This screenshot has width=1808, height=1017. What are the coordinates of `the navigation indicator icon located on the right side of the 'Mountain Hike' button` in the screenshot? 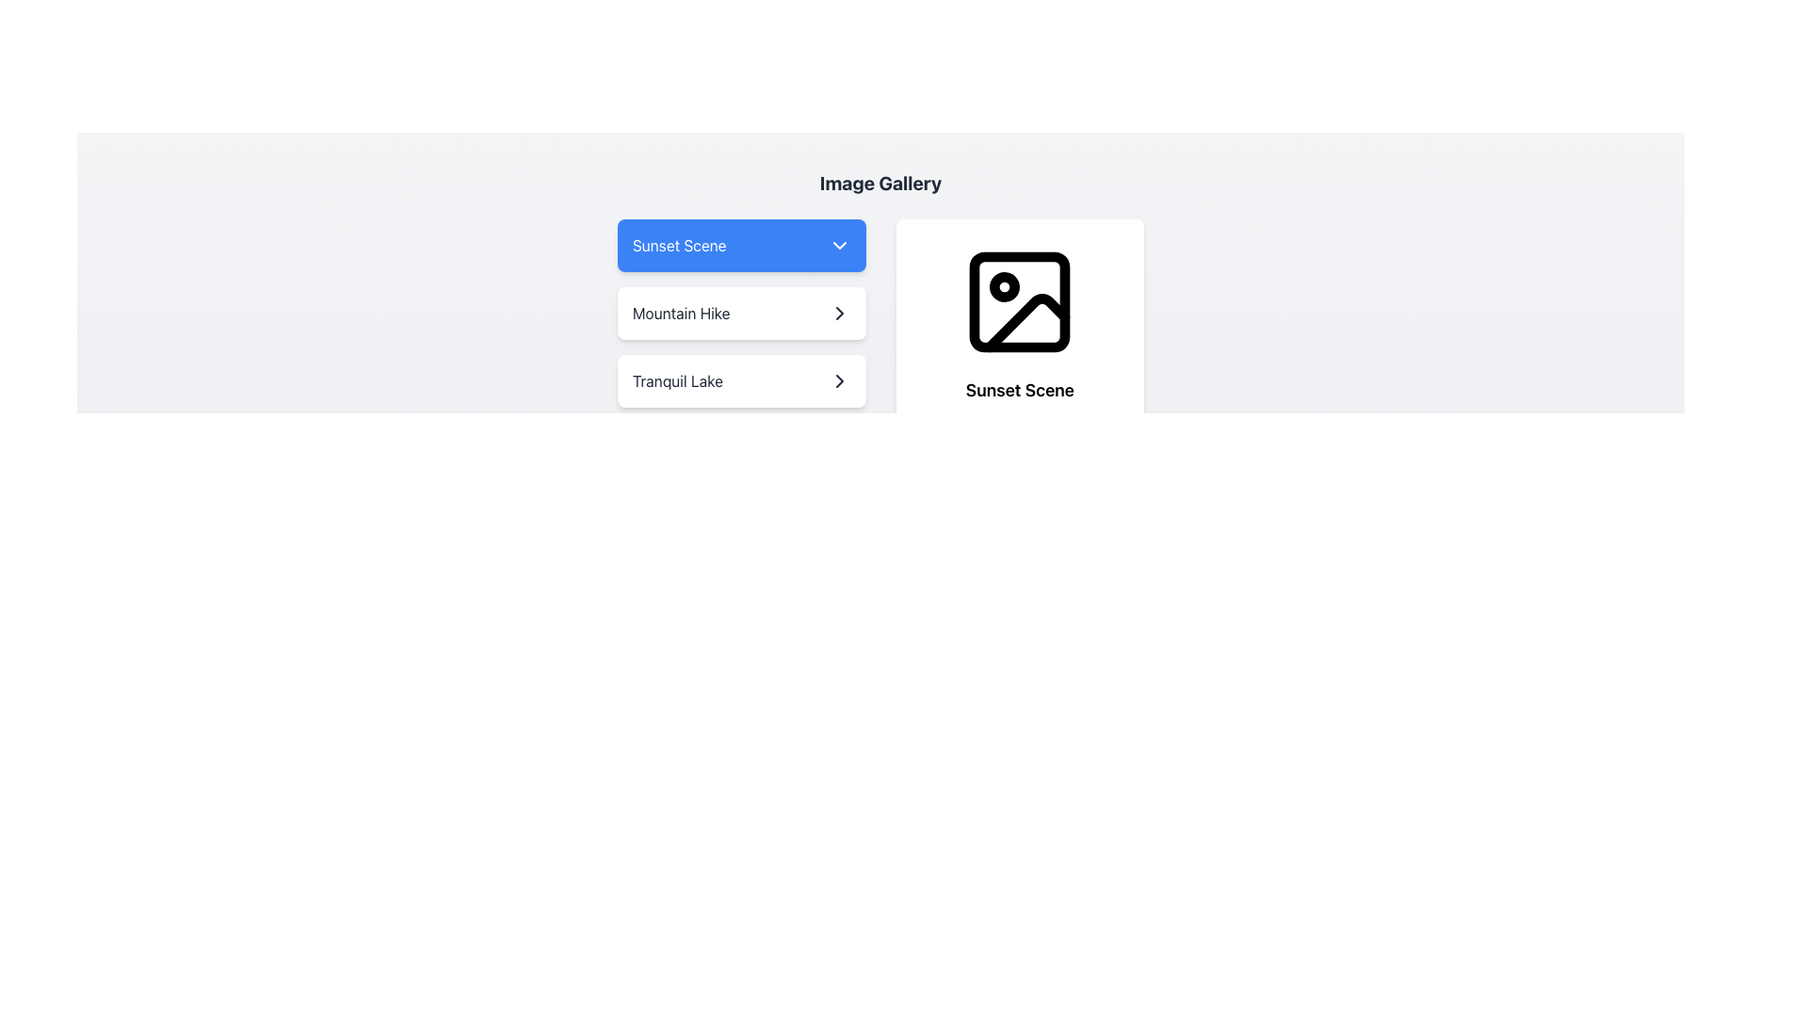 It's located at (838, 381).